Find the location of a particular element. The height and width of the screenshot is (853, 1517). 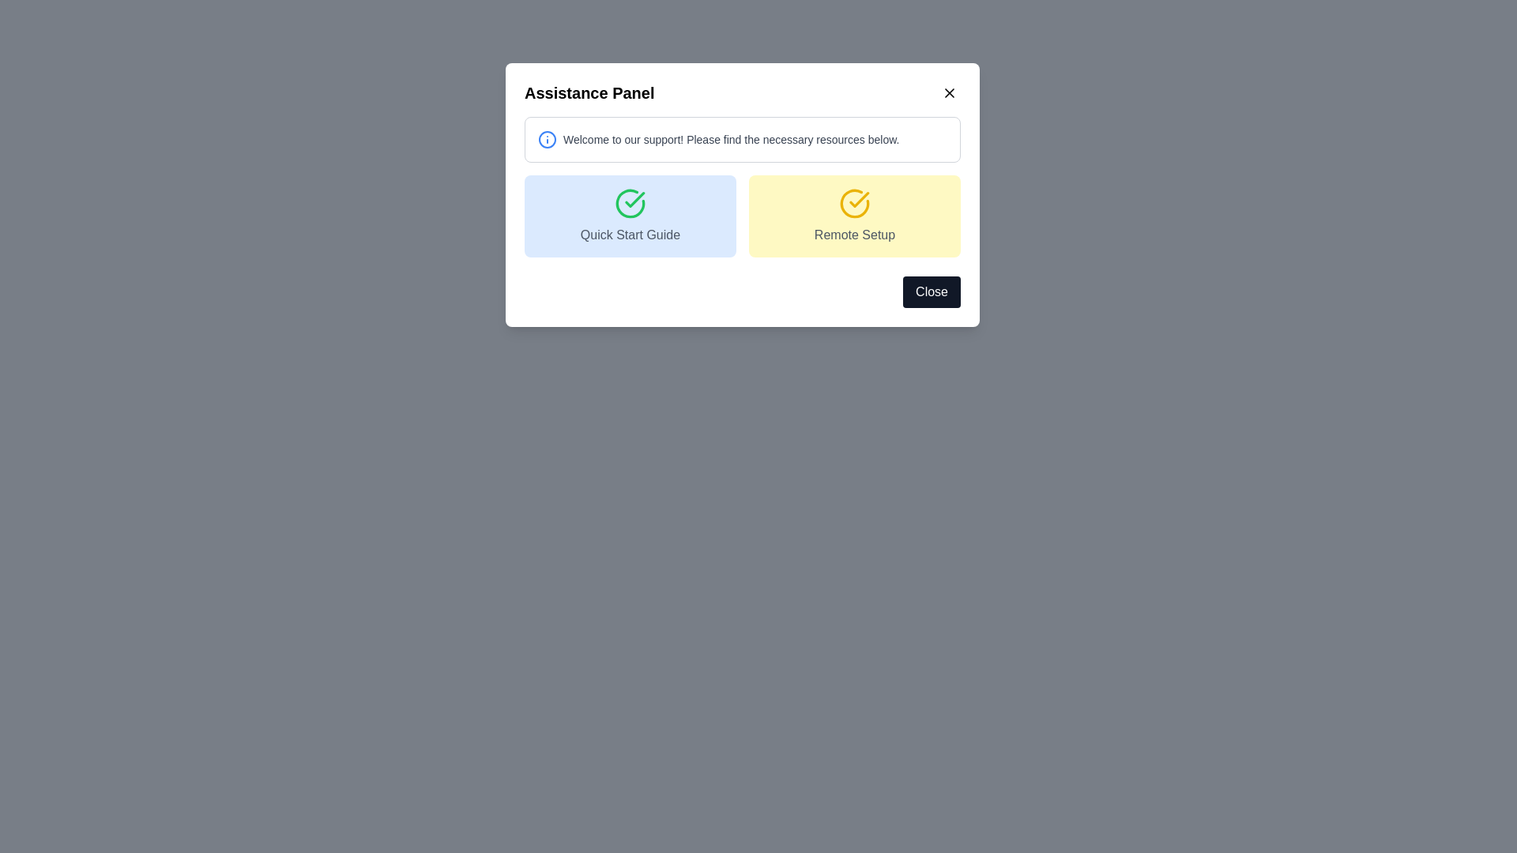

the confirmation icon located within the blue 'Quick Start Guide' button in the left half of the Assistance Panel dialog box is located at coordinates (629, 203).